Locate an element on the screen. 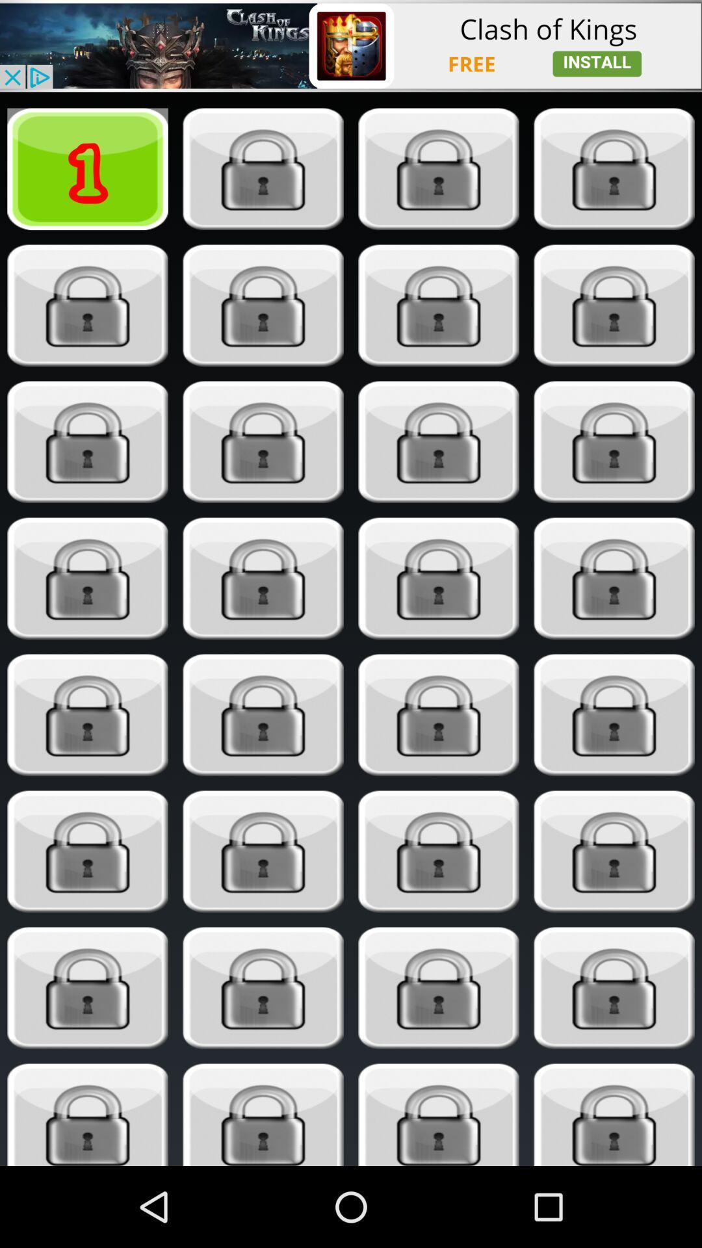 The image size is (702, 1248). unlock is located at coordinates (88, 714).